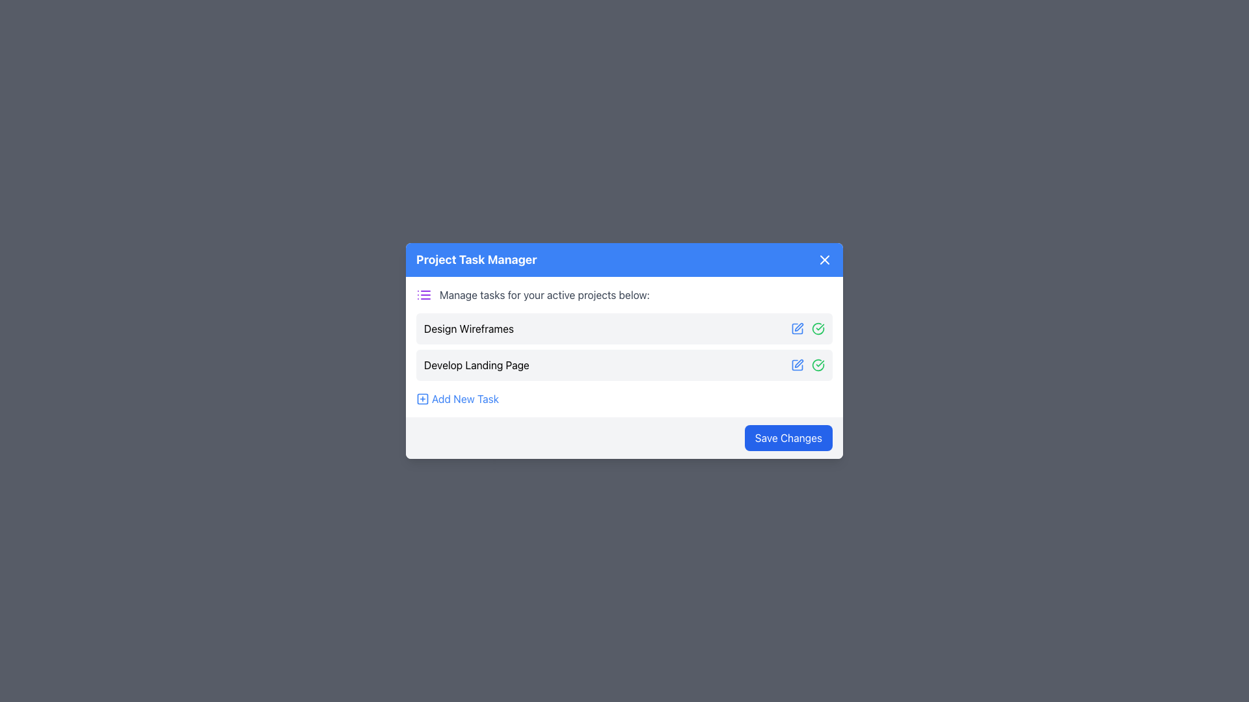 This screenshot has height=702, width=1249. Describe the element at coordinates (457, 398) in the screenshot. I see `the 'Add New Task' button, which consists of blue text and a blue outlined square icon with a plus sign` at that location.